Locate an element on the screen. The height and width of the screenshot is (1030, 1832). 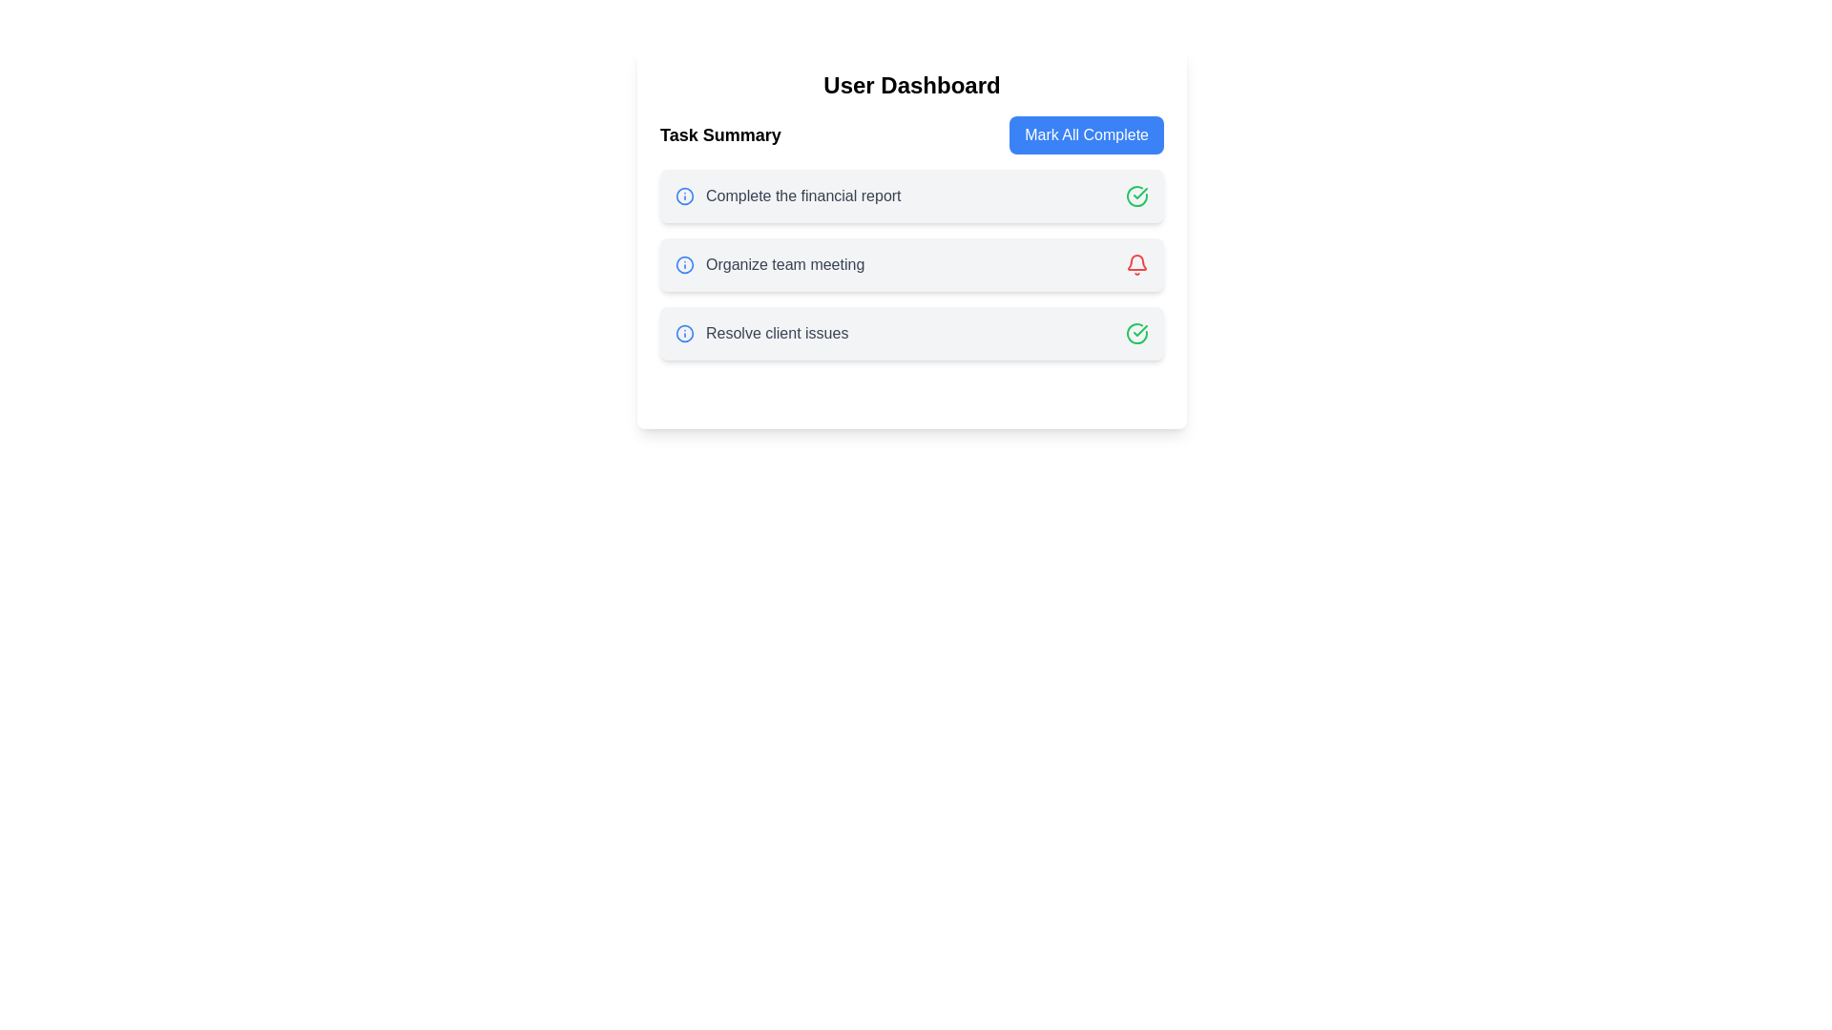
the text label displaying 'Resolve client issues' located in the third row of the task list in the 'Task Summary' section is located at coordinates (777, 333).